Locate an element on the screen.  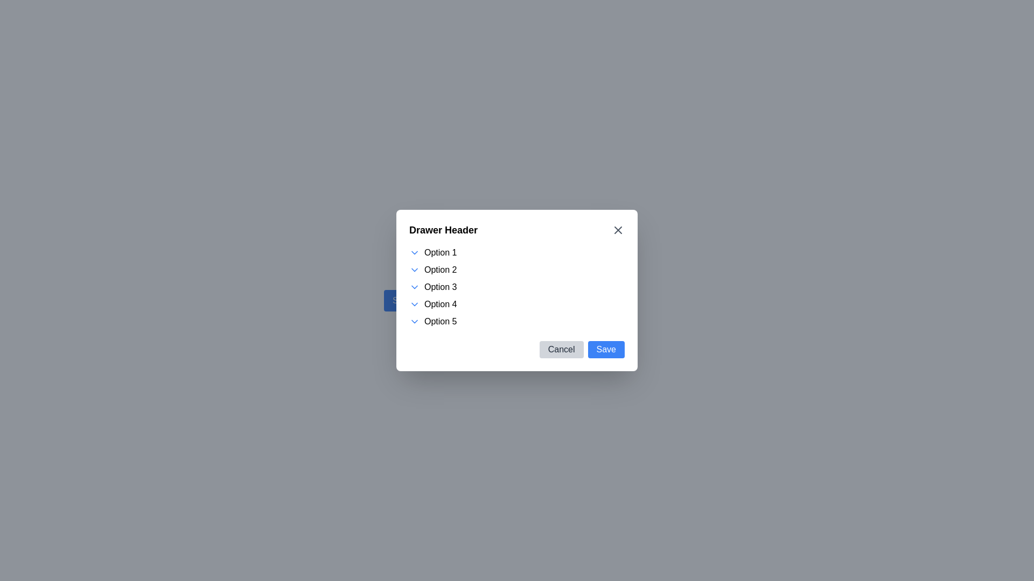
the save button located in the modal footer section, which is the second button in a horizontal group, positioned to the right of the 'Cancel' button is located at coordinates (606, 350).